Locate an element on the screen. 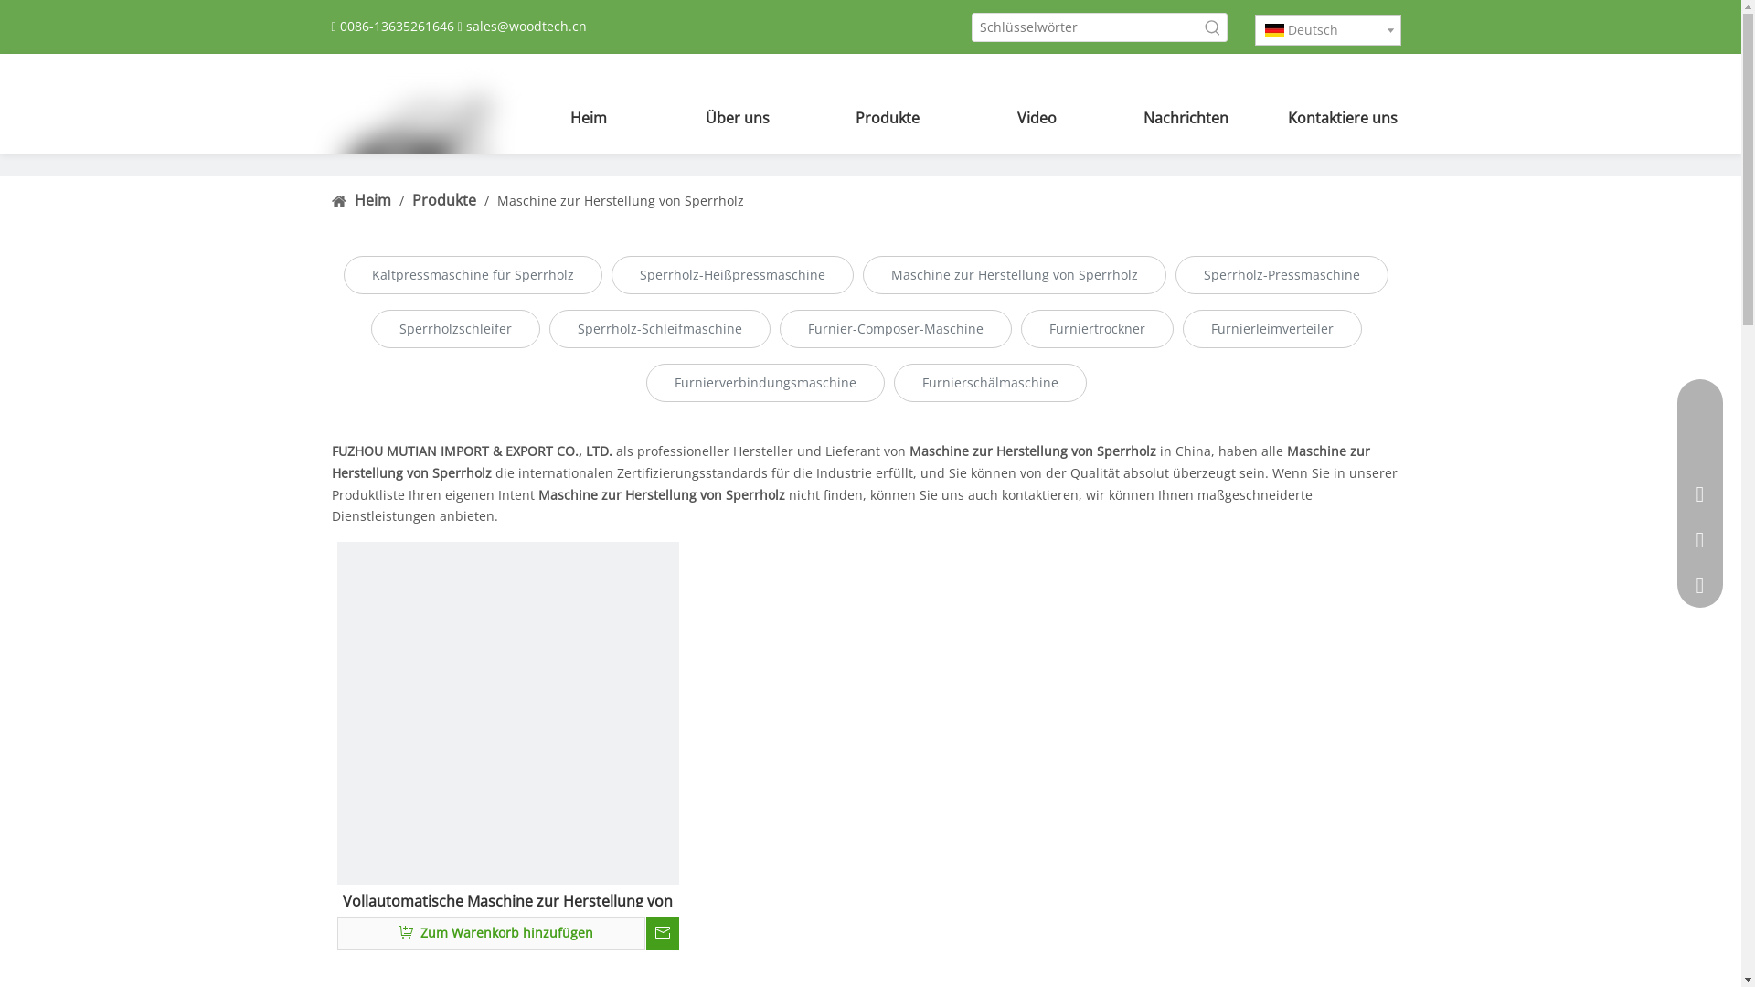  'sales@woodtech.cn' is located at coordinates (526, 26).